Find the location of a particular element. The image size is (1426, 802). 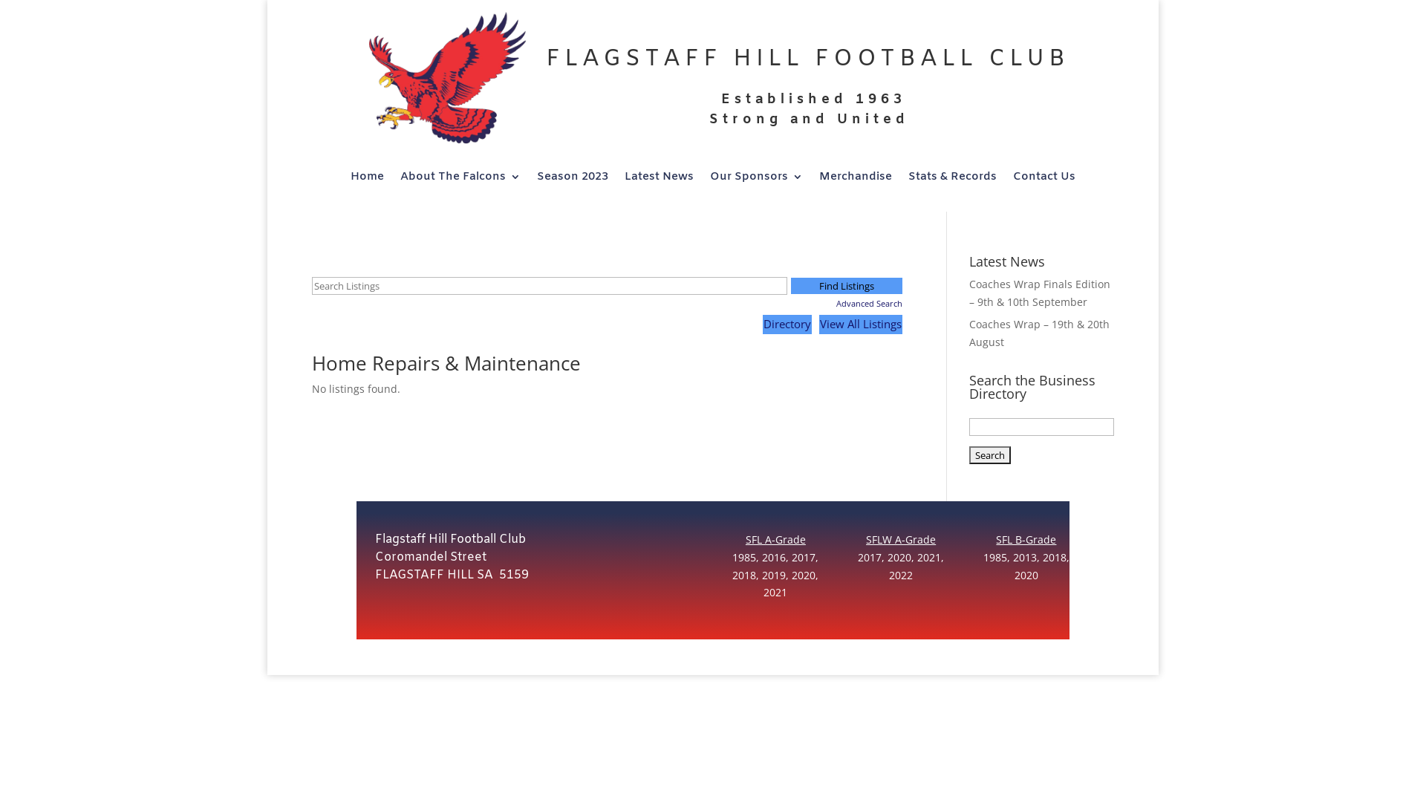

'Our Sponsors' is located at coordinates (756, 179).